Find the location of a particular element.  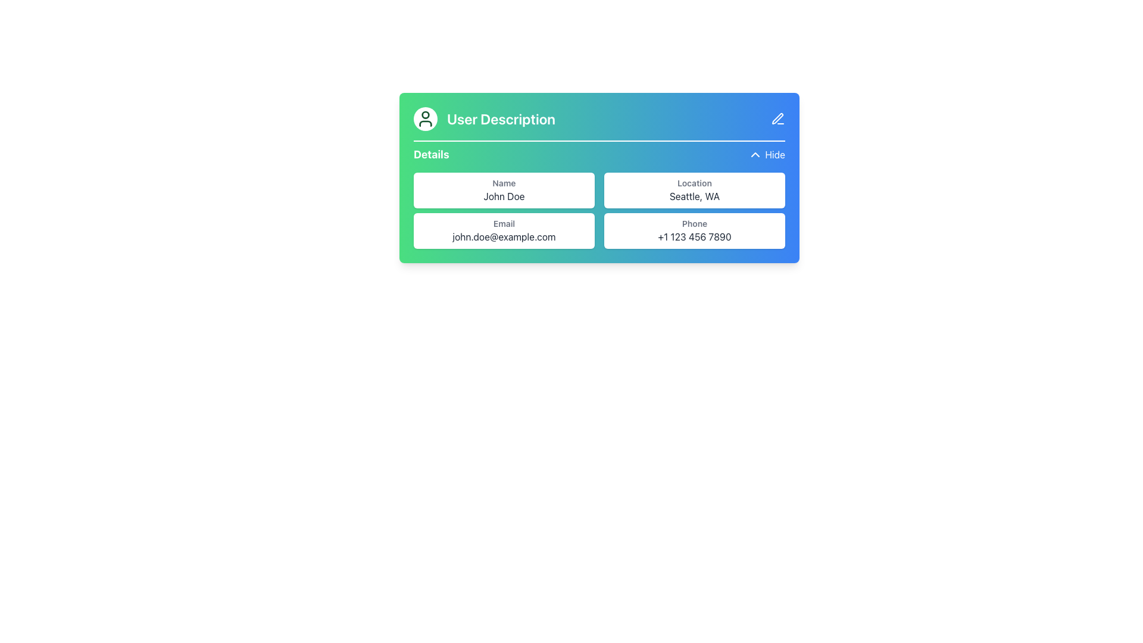

the static text element displaying the phone number '+1 123 456 7890' within the 'Details' section of the card, which is labeled 'Phone' is located at coordinates (694, 236).